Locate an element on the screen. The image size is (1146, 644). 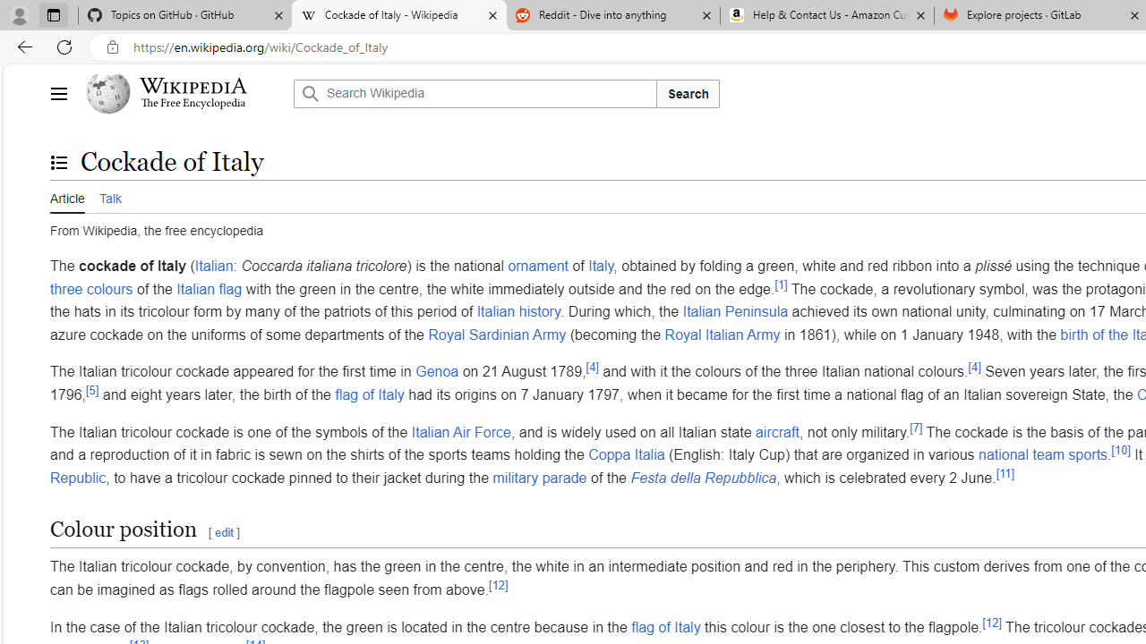
'Royal Sardinian Army' is located at coordinates (497, 335).